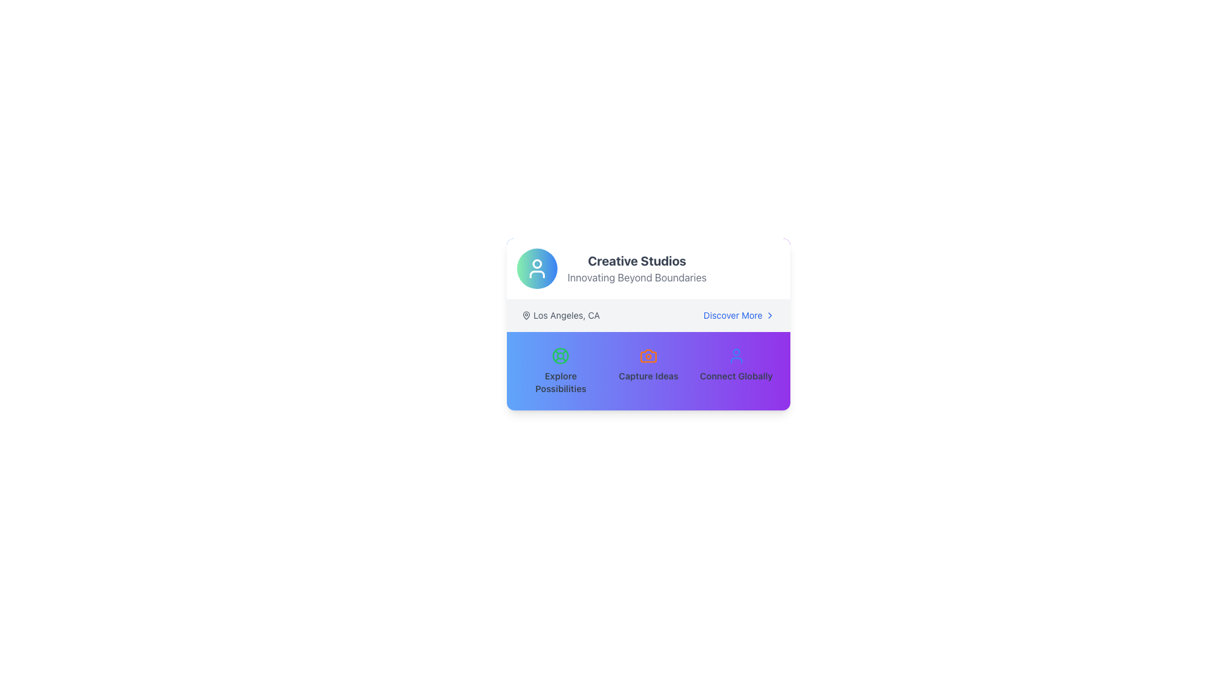  I want to click on the life buoy icon, which is the first icon in the options card above the 'Explore Possibilities' label, so click(560, 356).